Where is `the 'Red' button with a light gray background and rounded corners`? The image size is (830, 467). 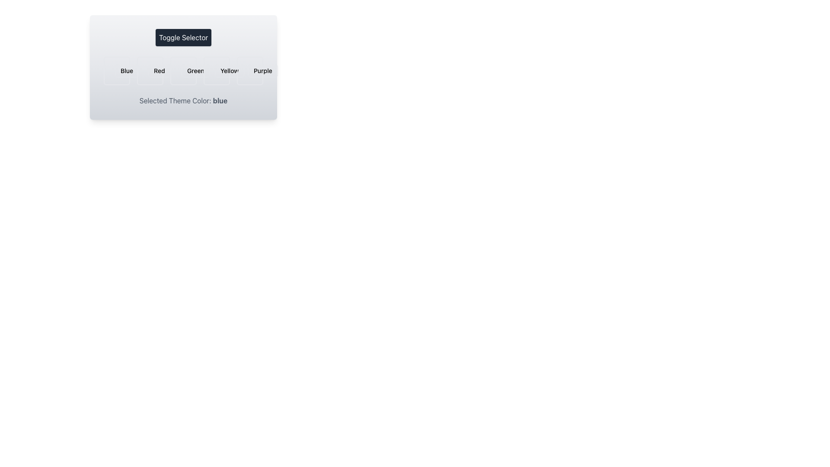
the 'Red' button with a light gray background and rounded corners is located at coordinates (159, 70).